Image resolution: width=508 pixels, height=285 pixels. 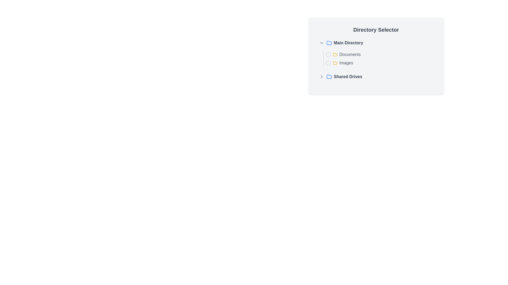 What do you see at coordinates (376, 53) in the screenshot?
I see `the 'Main Directory' item in the Tree view` at bounding box center [376, 53].